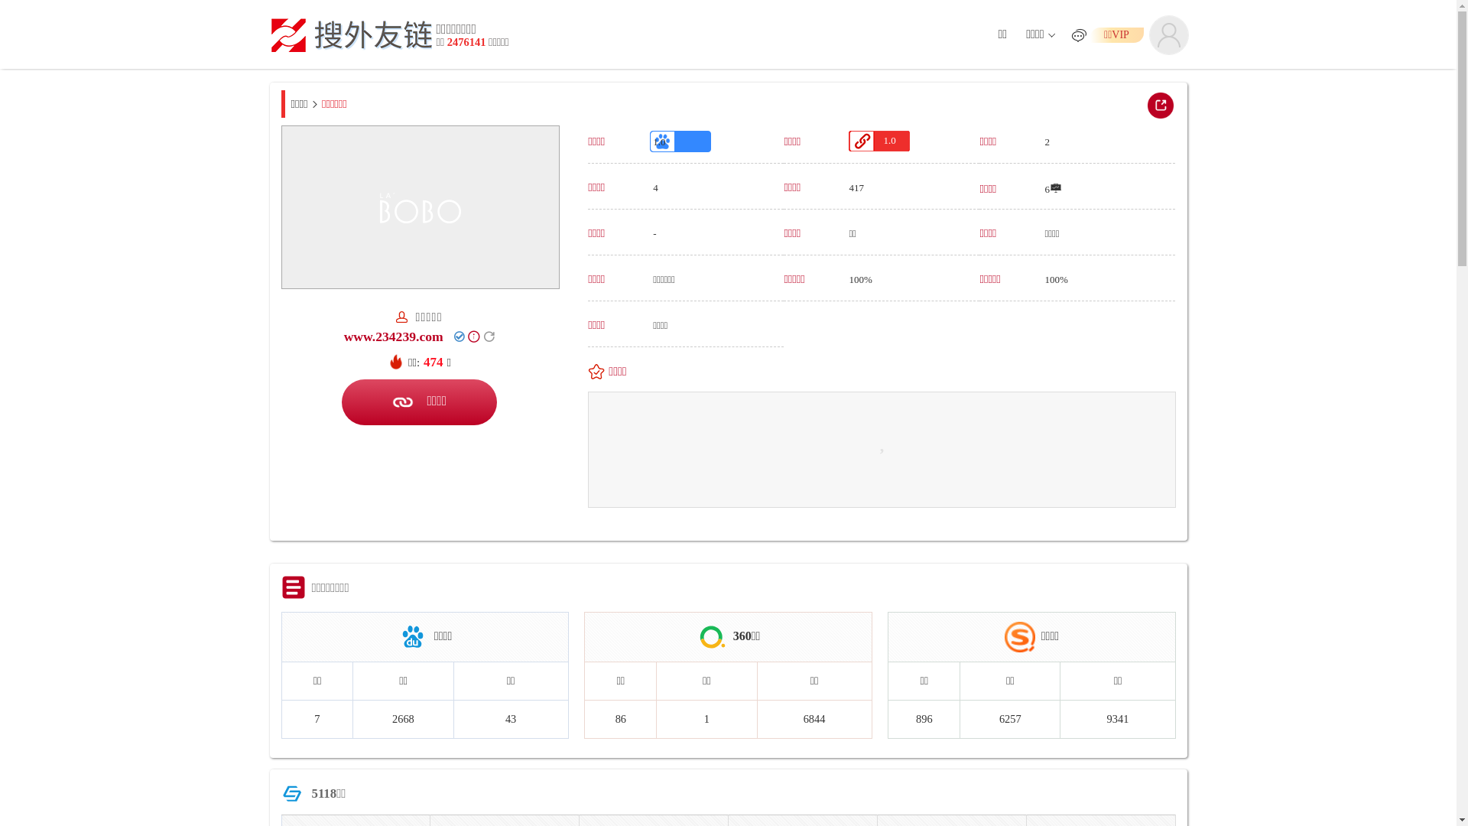 This screenshot has height=826, width=1468. I want to click on 'www.234239.com', so click(393, 335).